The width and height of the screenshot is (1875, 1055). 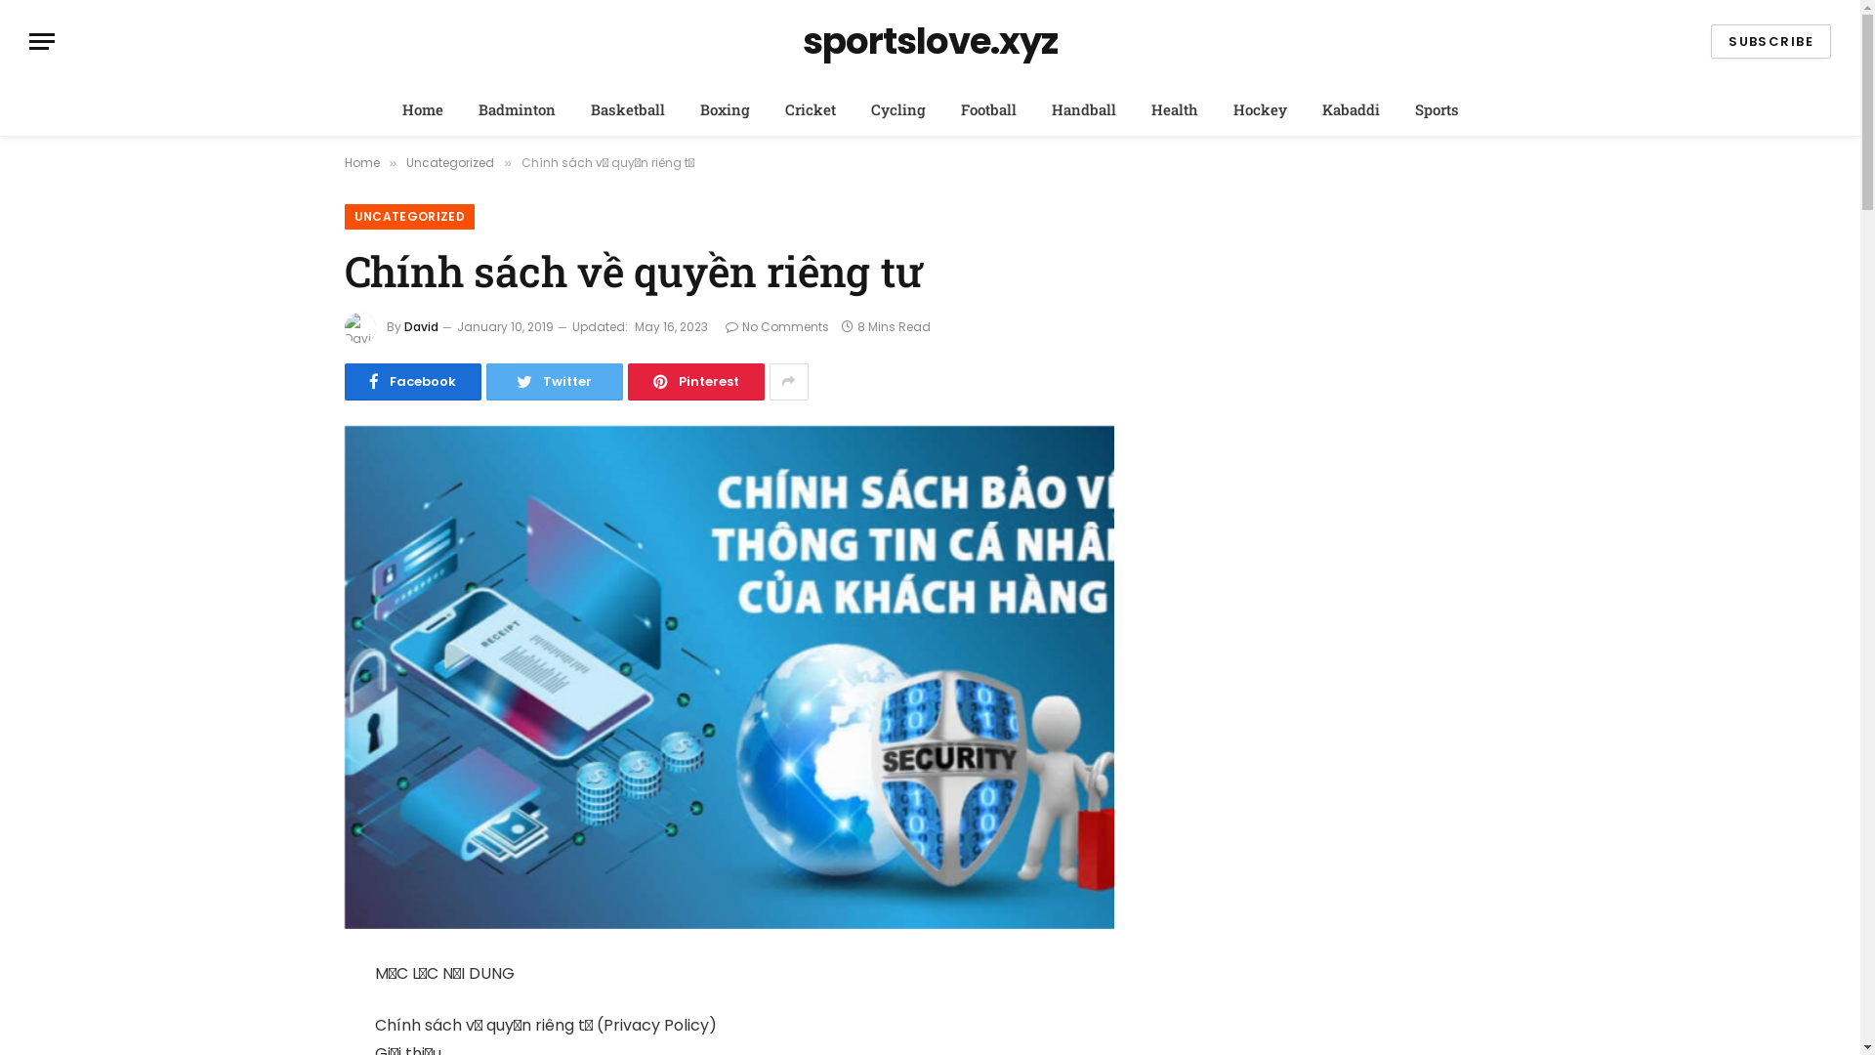 What do you see at coordinates (768, 381) in the screenshot?
I see `'Show More Social Sharing'` at bounding box center [768, 381].